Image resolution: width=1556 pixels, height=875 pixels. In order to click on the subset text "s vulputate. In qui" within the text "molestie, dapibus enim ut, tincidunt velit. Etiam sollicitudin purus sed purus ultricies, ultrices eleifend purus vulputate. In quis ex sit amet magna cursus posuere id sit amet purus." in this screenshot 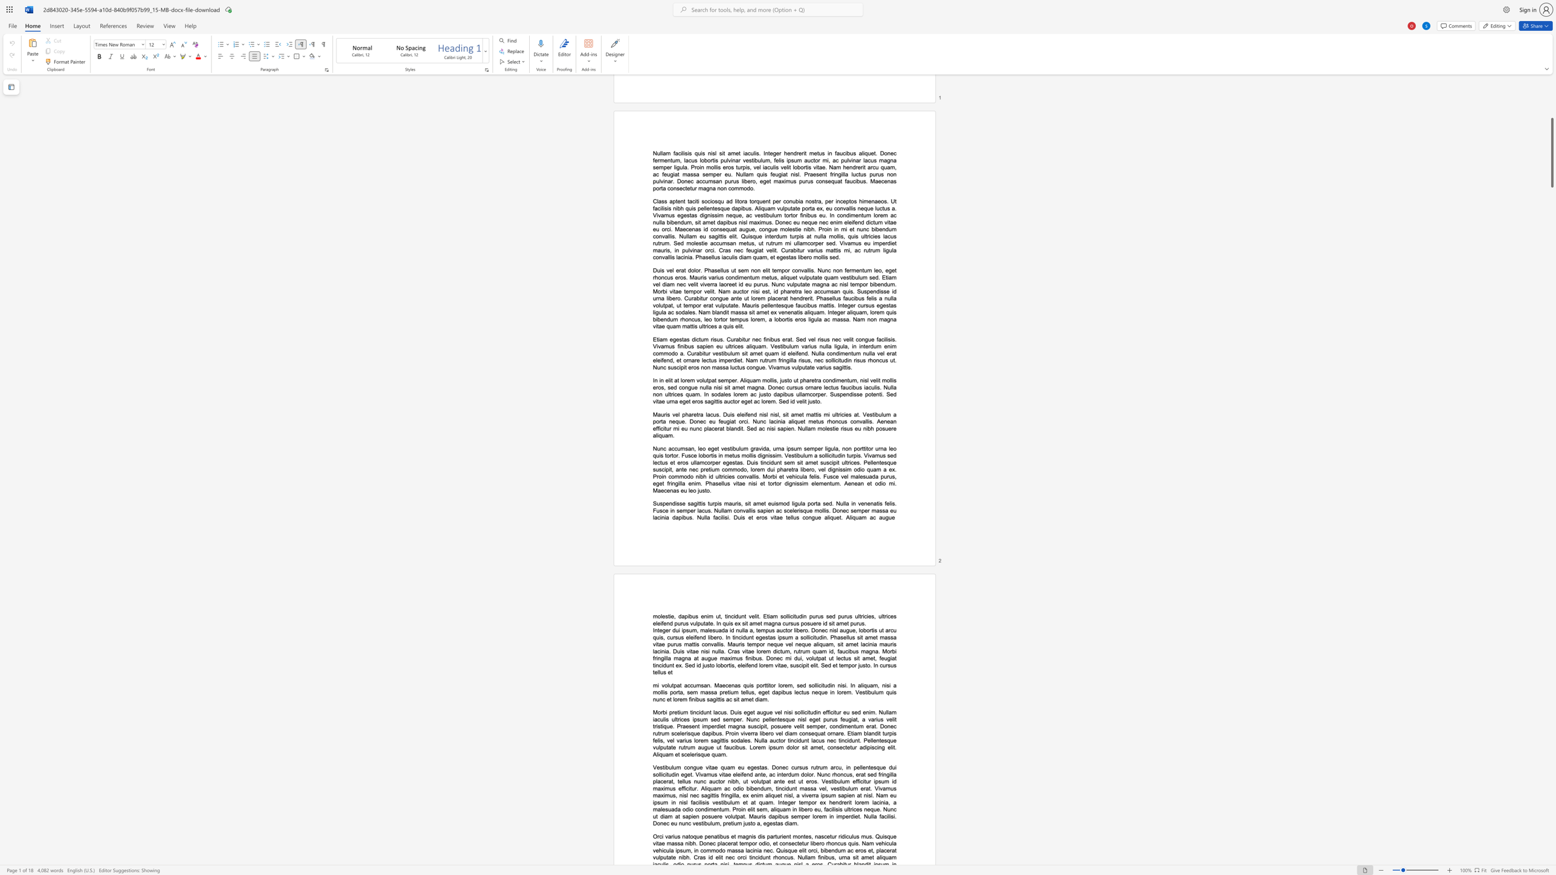, I will do `click(685, 623)`.